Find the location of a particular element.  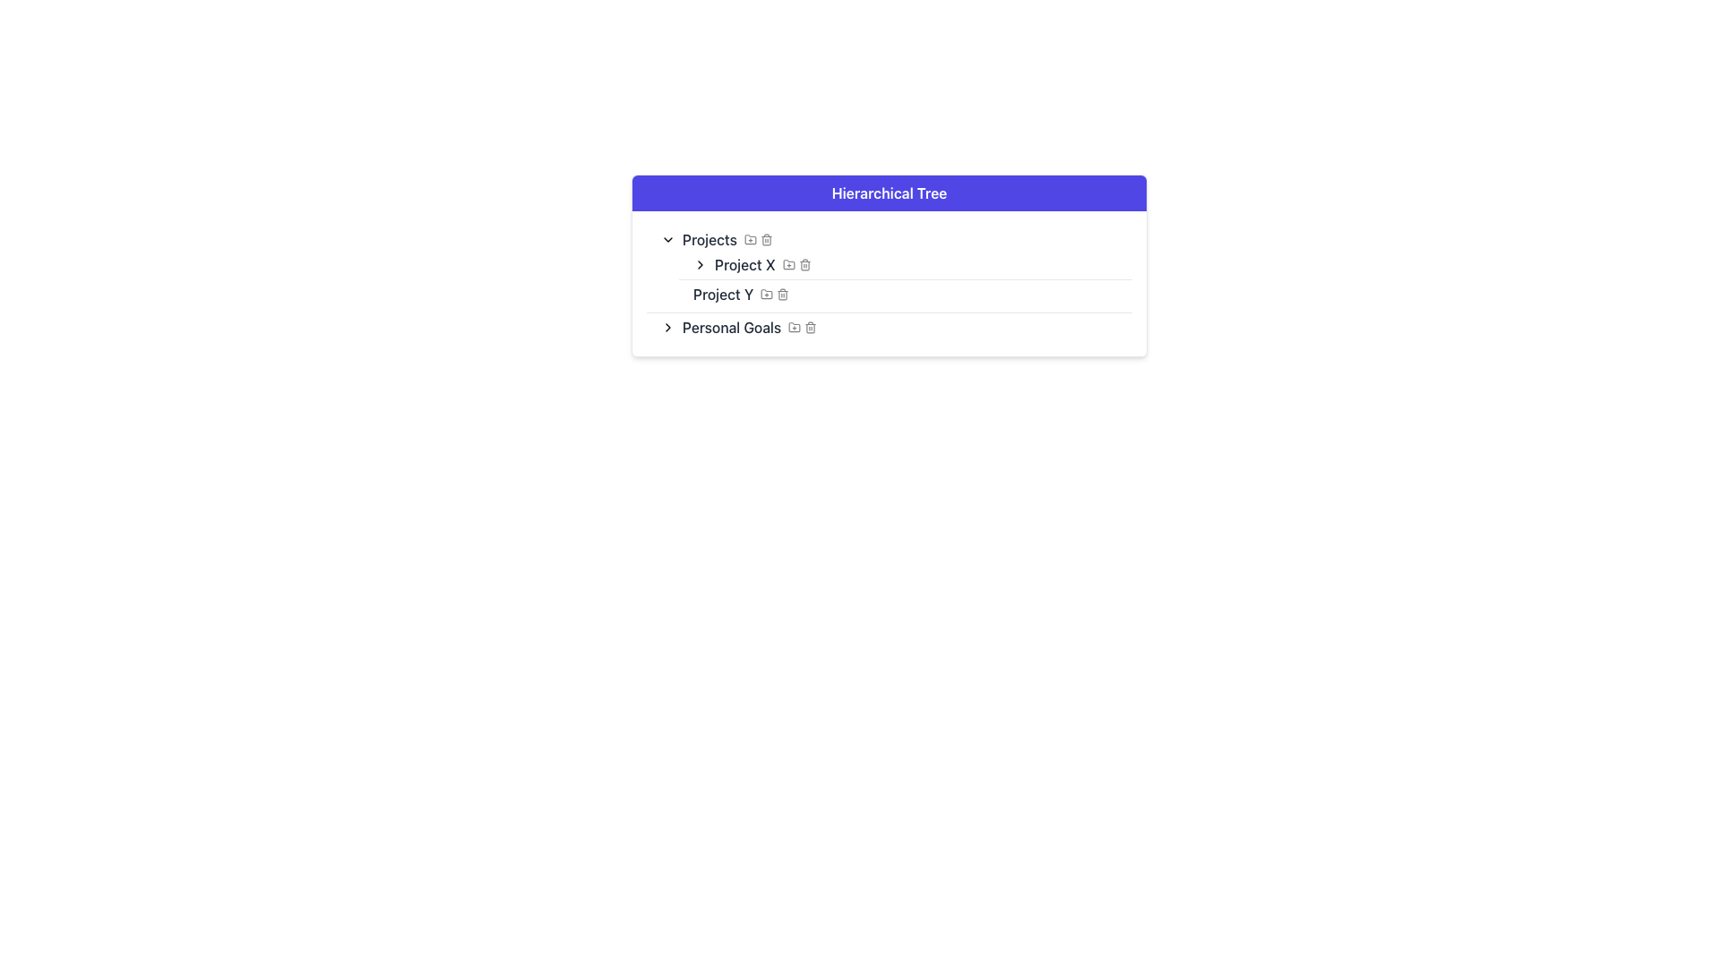

the trashcan icon located in the toolbar beneath the hierarchical tree is located at coordinates (766, 238).